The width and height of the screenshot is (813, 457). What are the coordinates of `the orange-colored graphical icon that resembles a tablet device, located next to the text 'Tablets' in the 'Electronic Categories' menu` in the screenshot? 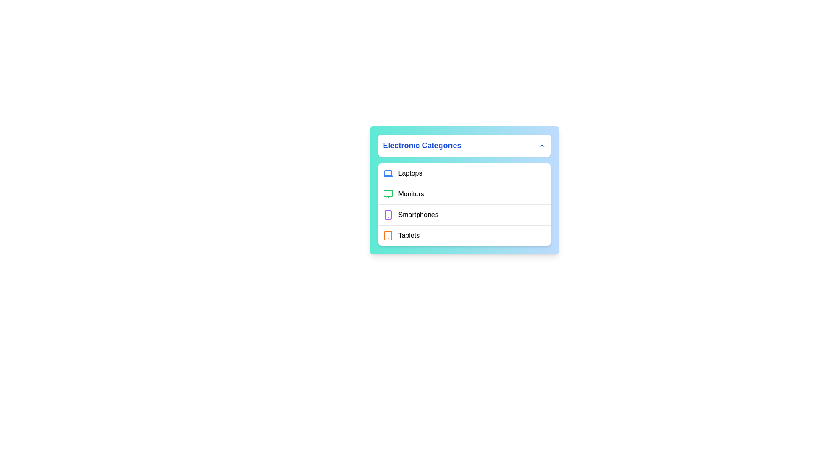 It's located at (387, 235).